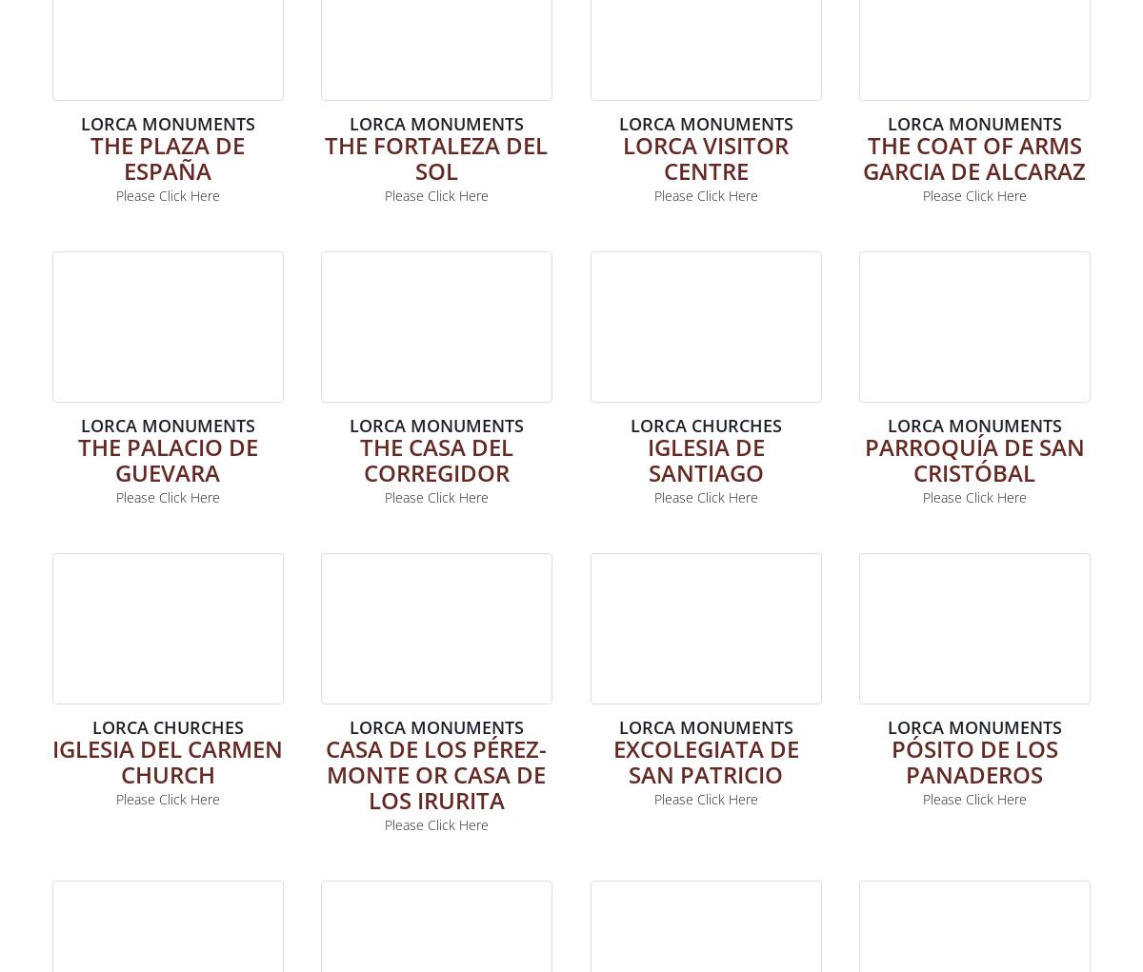 This screenshot has width=1143, height=972. What do you see at coordinates (167, 155) in the screenshot?
I see `'THE PLAZA DE ESPAÑA'` at bounding box center [167, 155].